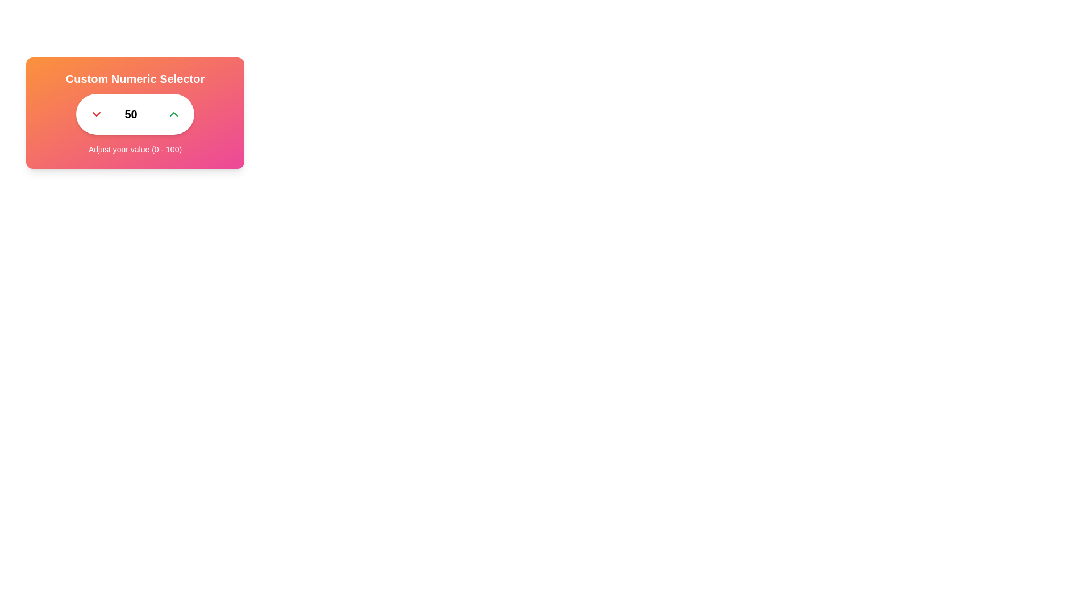 Image resolution: width=1091 pixels, height=614 pixels. Describe the element at coordinates (96, 114) in the screenshot. I see `the red downward arrow icon button located to the left of the numeric input field to decrease the value` at that location.